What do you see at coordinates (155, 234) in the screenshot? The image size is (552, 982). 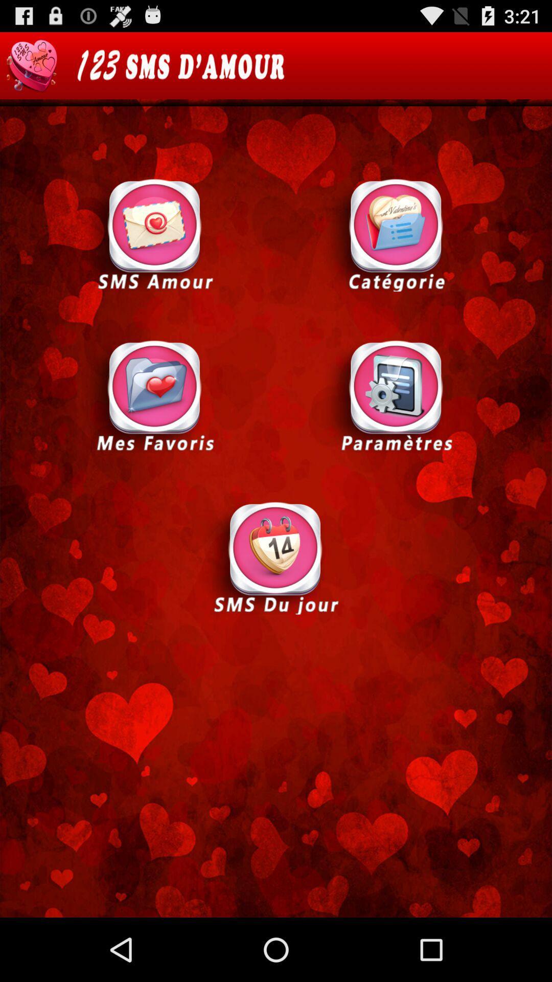 I see `sms button` at bounding box center [155, 234].